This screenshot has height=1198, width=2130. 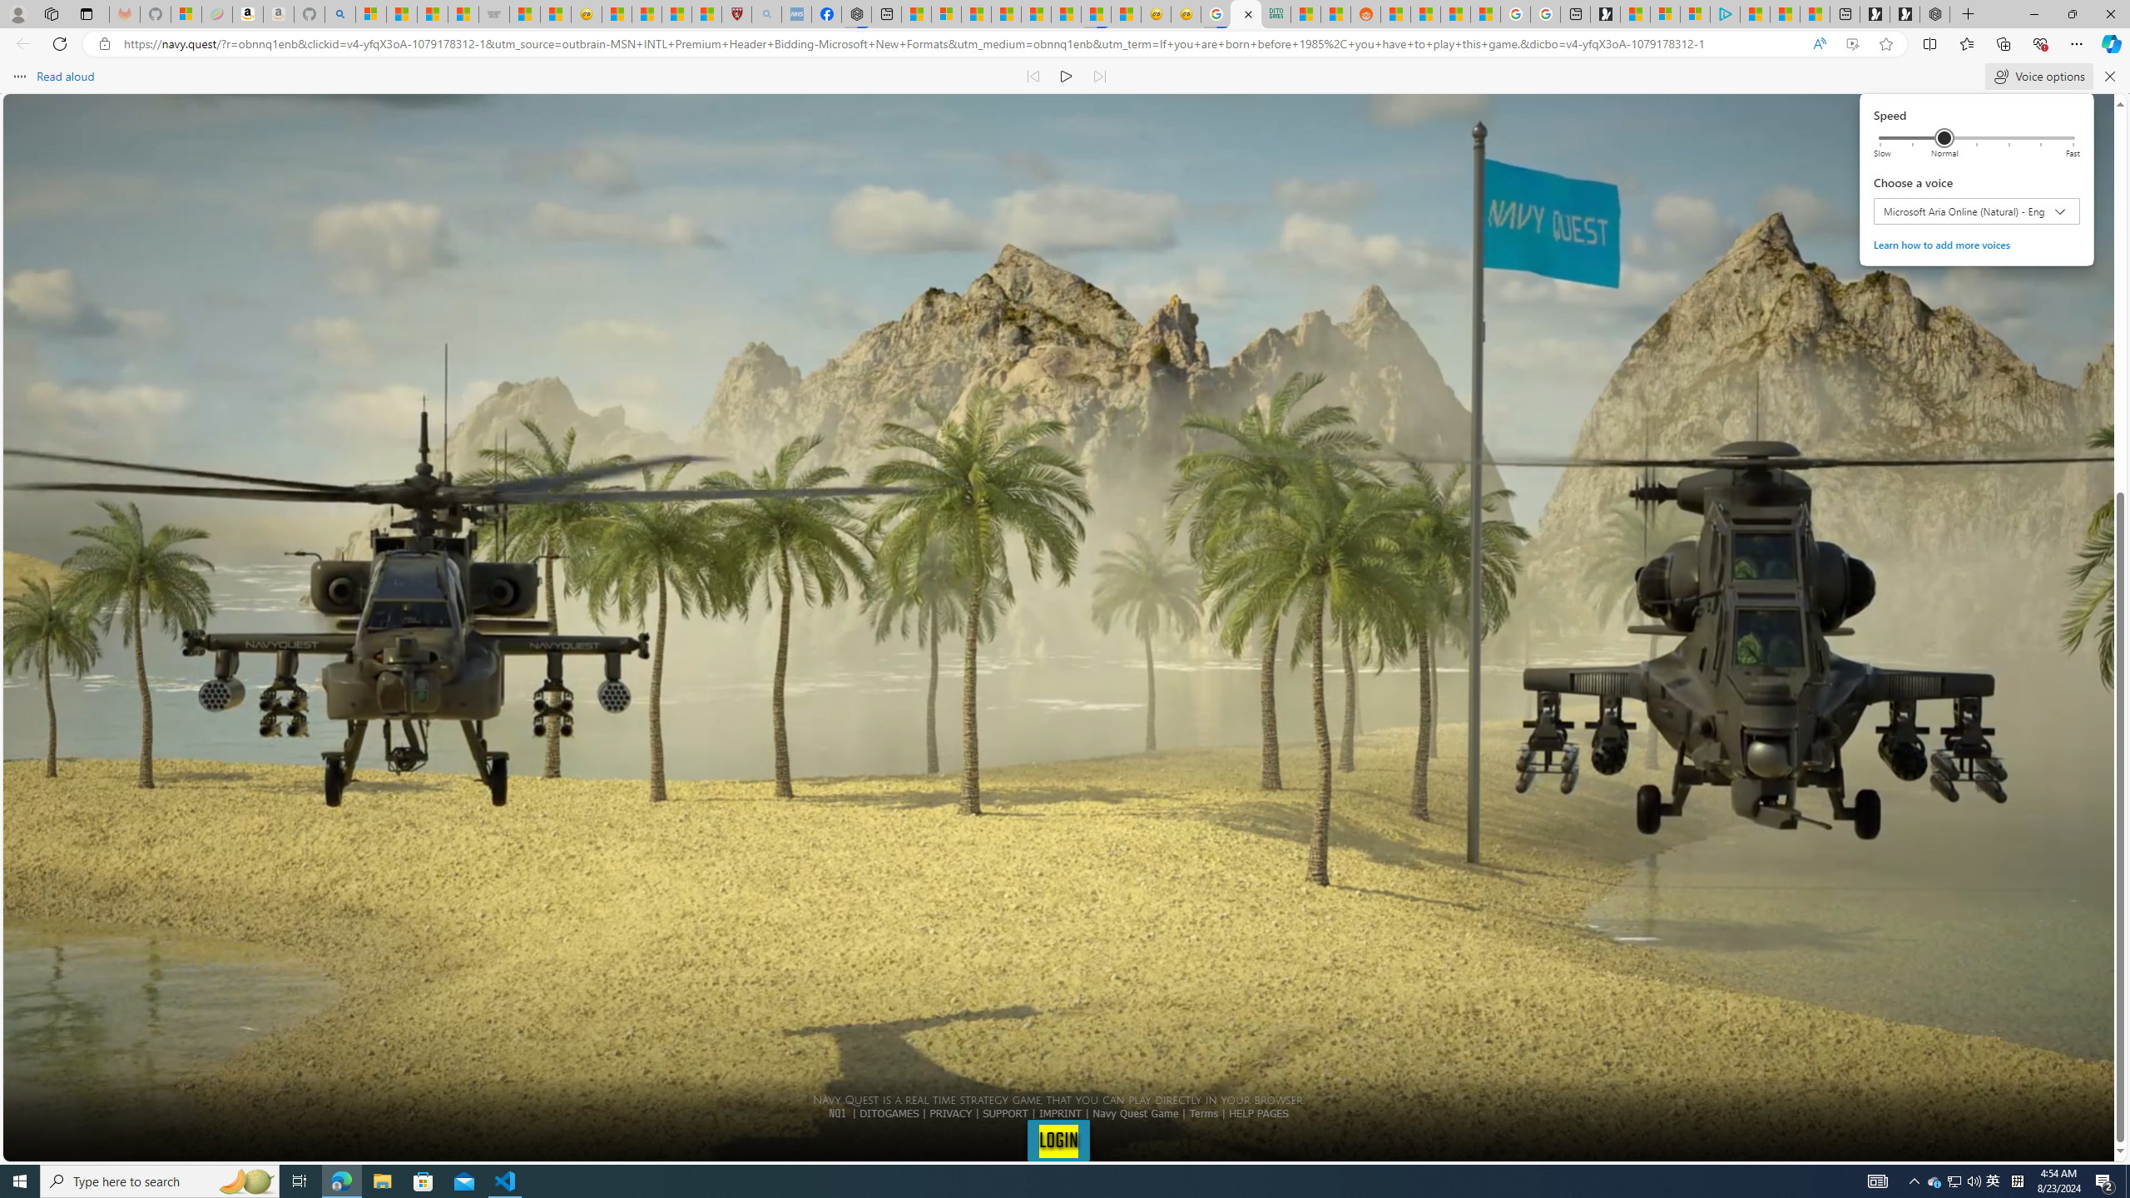 What do you see at coordinates (186, 13) in the screenshot?
I see `'Microsoft-Report a Concern to Bing'` at bounding box center [186, 13].